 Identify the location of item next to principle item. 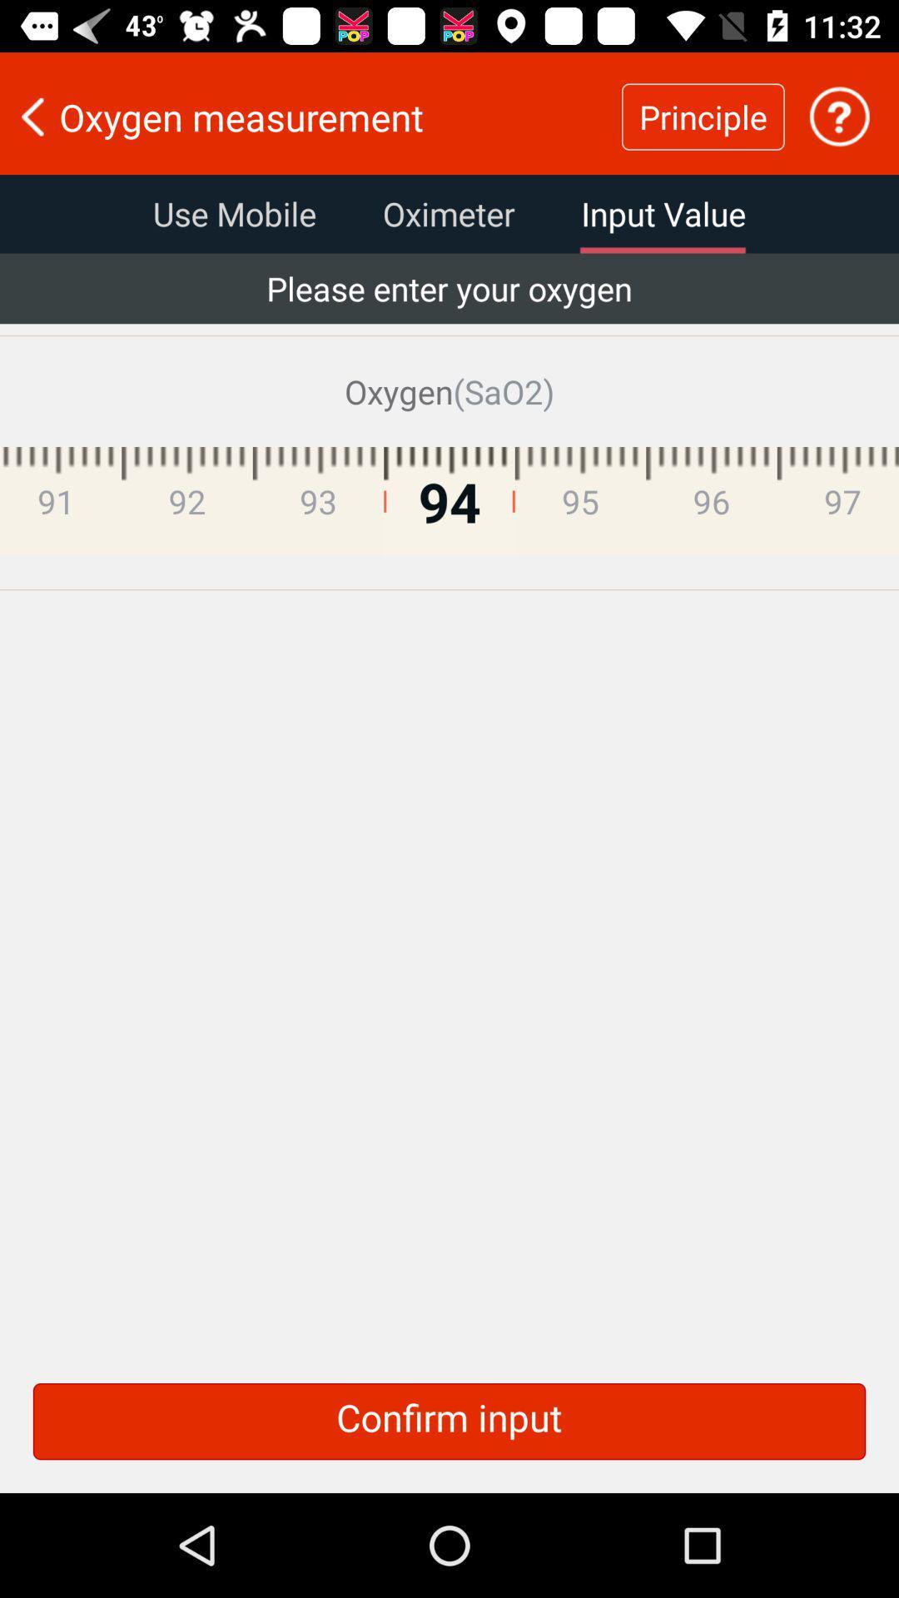
(839, 116).